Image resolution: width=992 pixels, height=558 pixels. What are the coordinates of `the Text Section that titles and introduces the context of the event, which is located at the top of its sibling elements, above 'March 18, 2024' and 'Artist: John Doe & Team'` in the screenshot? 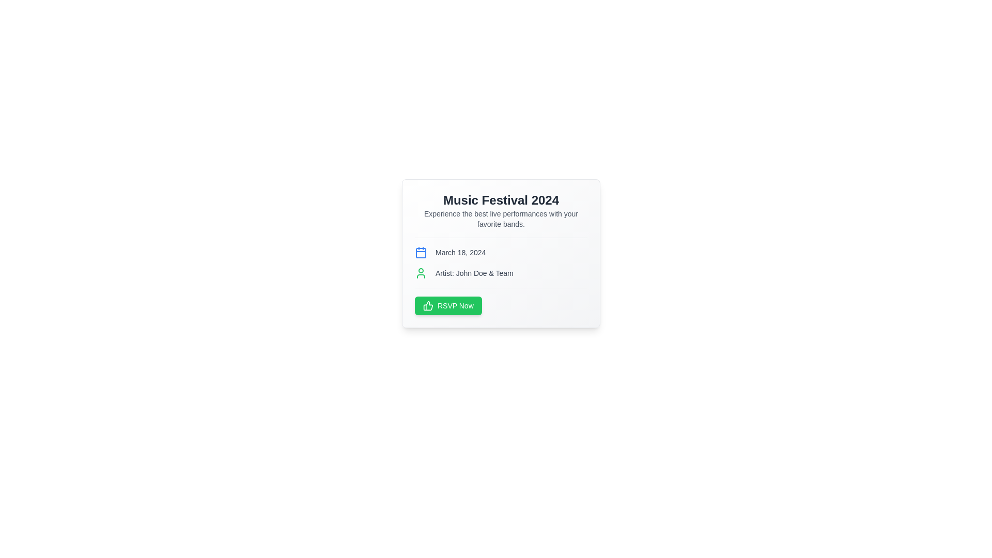 It's located at (501, 214).